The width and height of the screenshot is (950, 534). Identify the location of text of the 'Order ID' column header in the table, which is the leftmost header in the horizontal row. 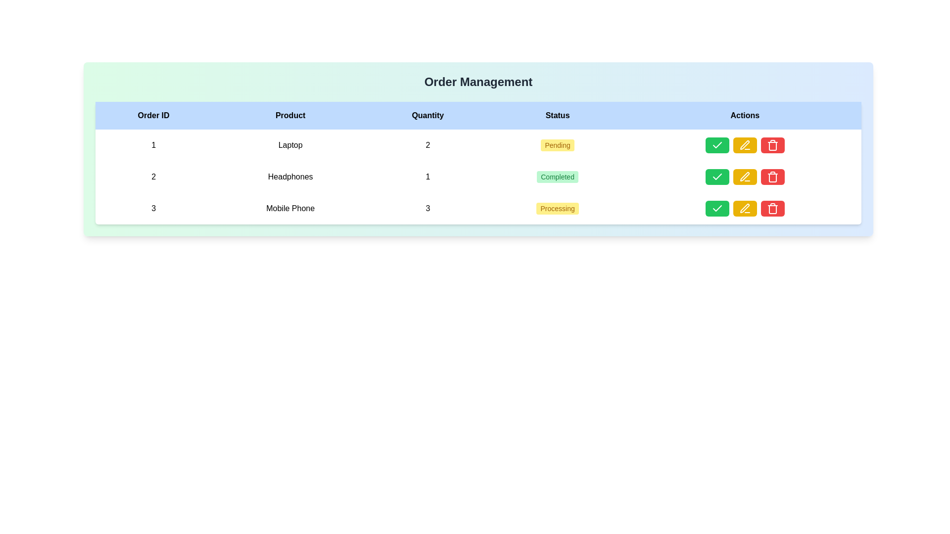
(153, 115).